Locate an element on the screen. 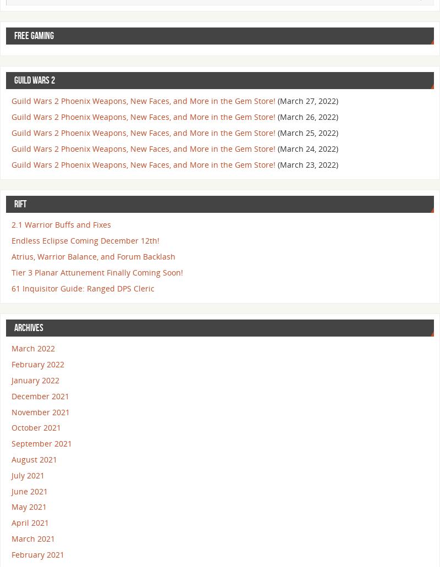 This screenshot has height=567, width=440. 'October 2021' is located at coordinates (36, 427).